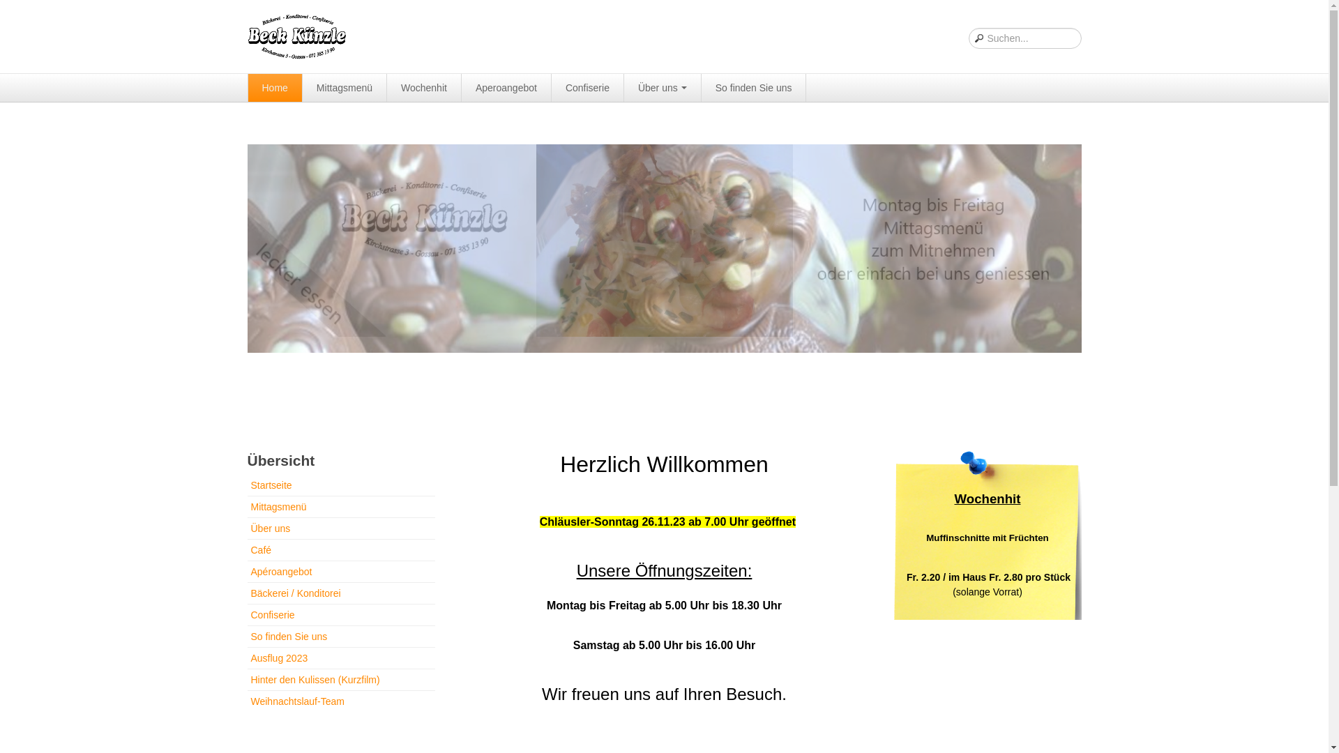 This screenshot has width=1339, height=753. I want to click on 'So finden Sie uns', so click(340, 637).